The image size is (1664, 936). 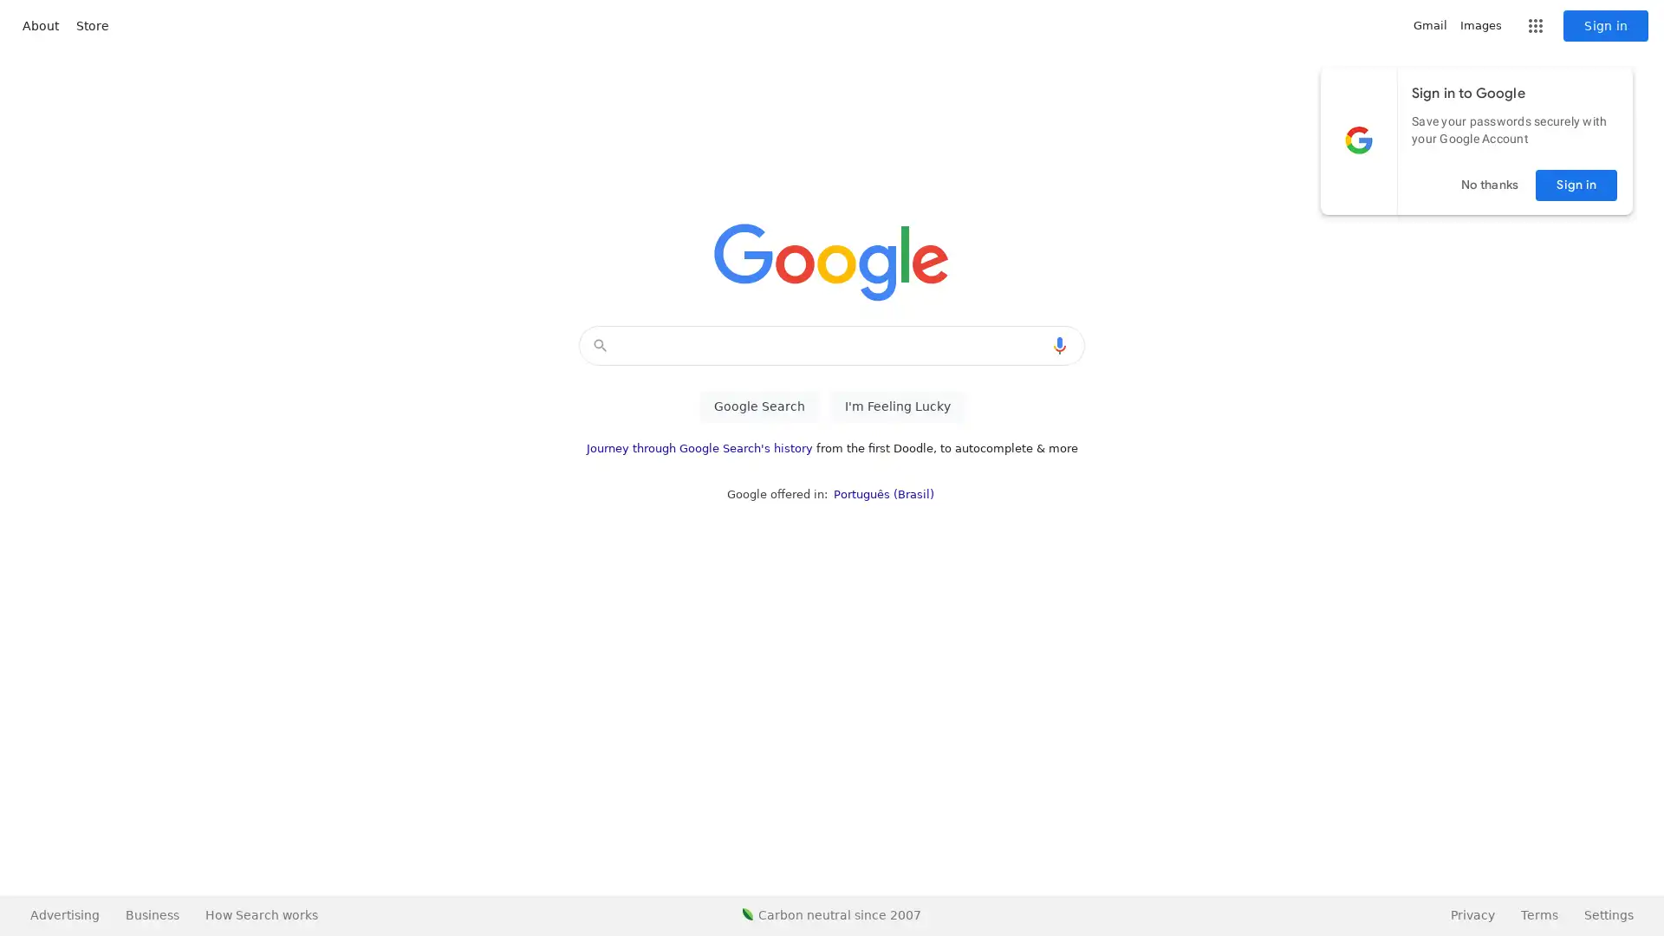 What do you see at coordinates (758, 406) in the screenshot?
I see `Google Search` at bounding box center [758, 406].